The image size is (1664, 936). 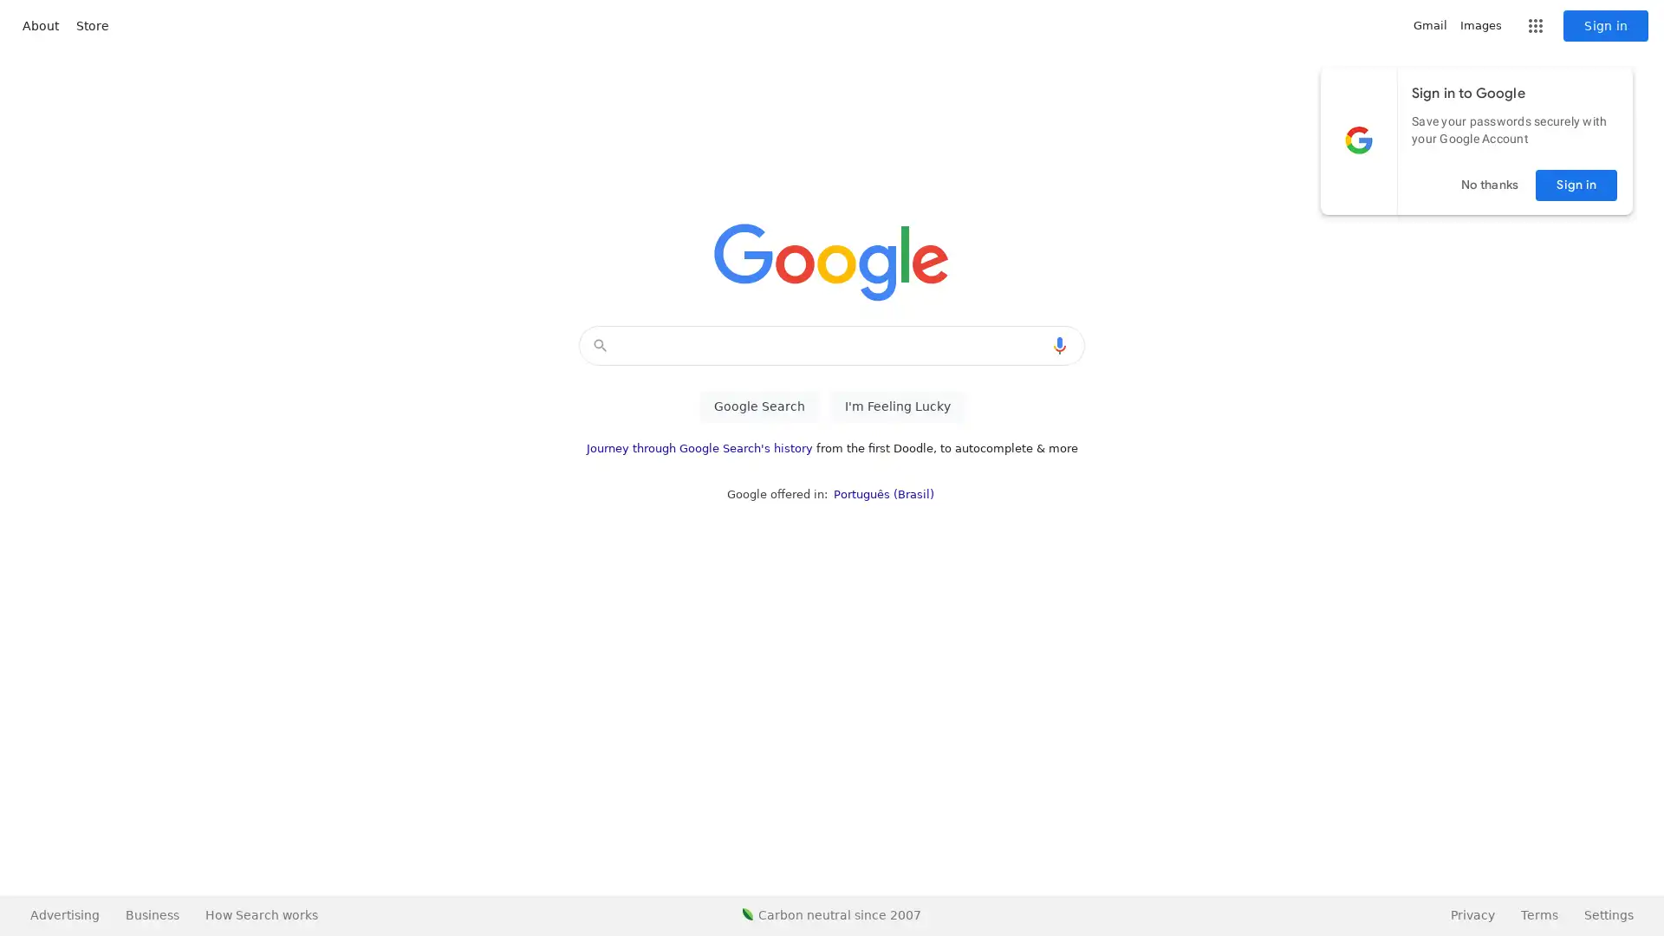 What do you see at coordinates (758, 406) in the screenshot?
I see `Google Search` at bounding box center [758, 406].